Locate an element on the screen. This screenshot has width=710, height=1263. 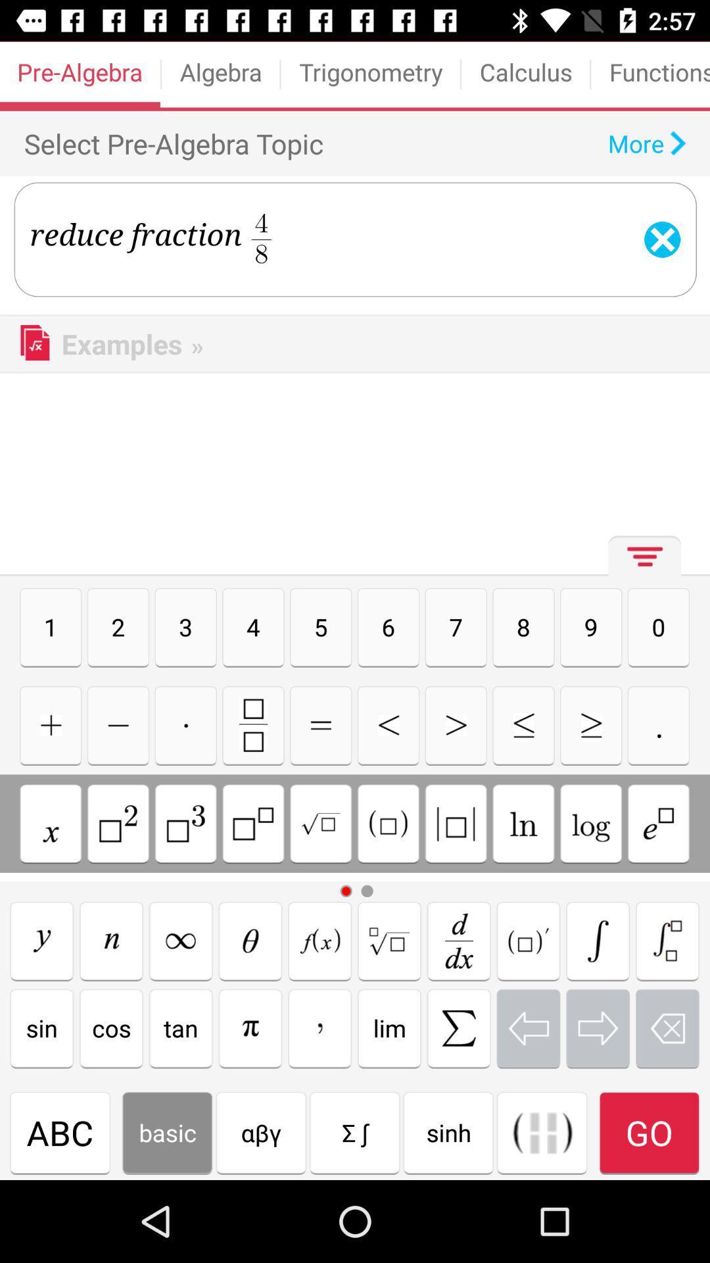
the close icon is located at coordinates (181, 940).